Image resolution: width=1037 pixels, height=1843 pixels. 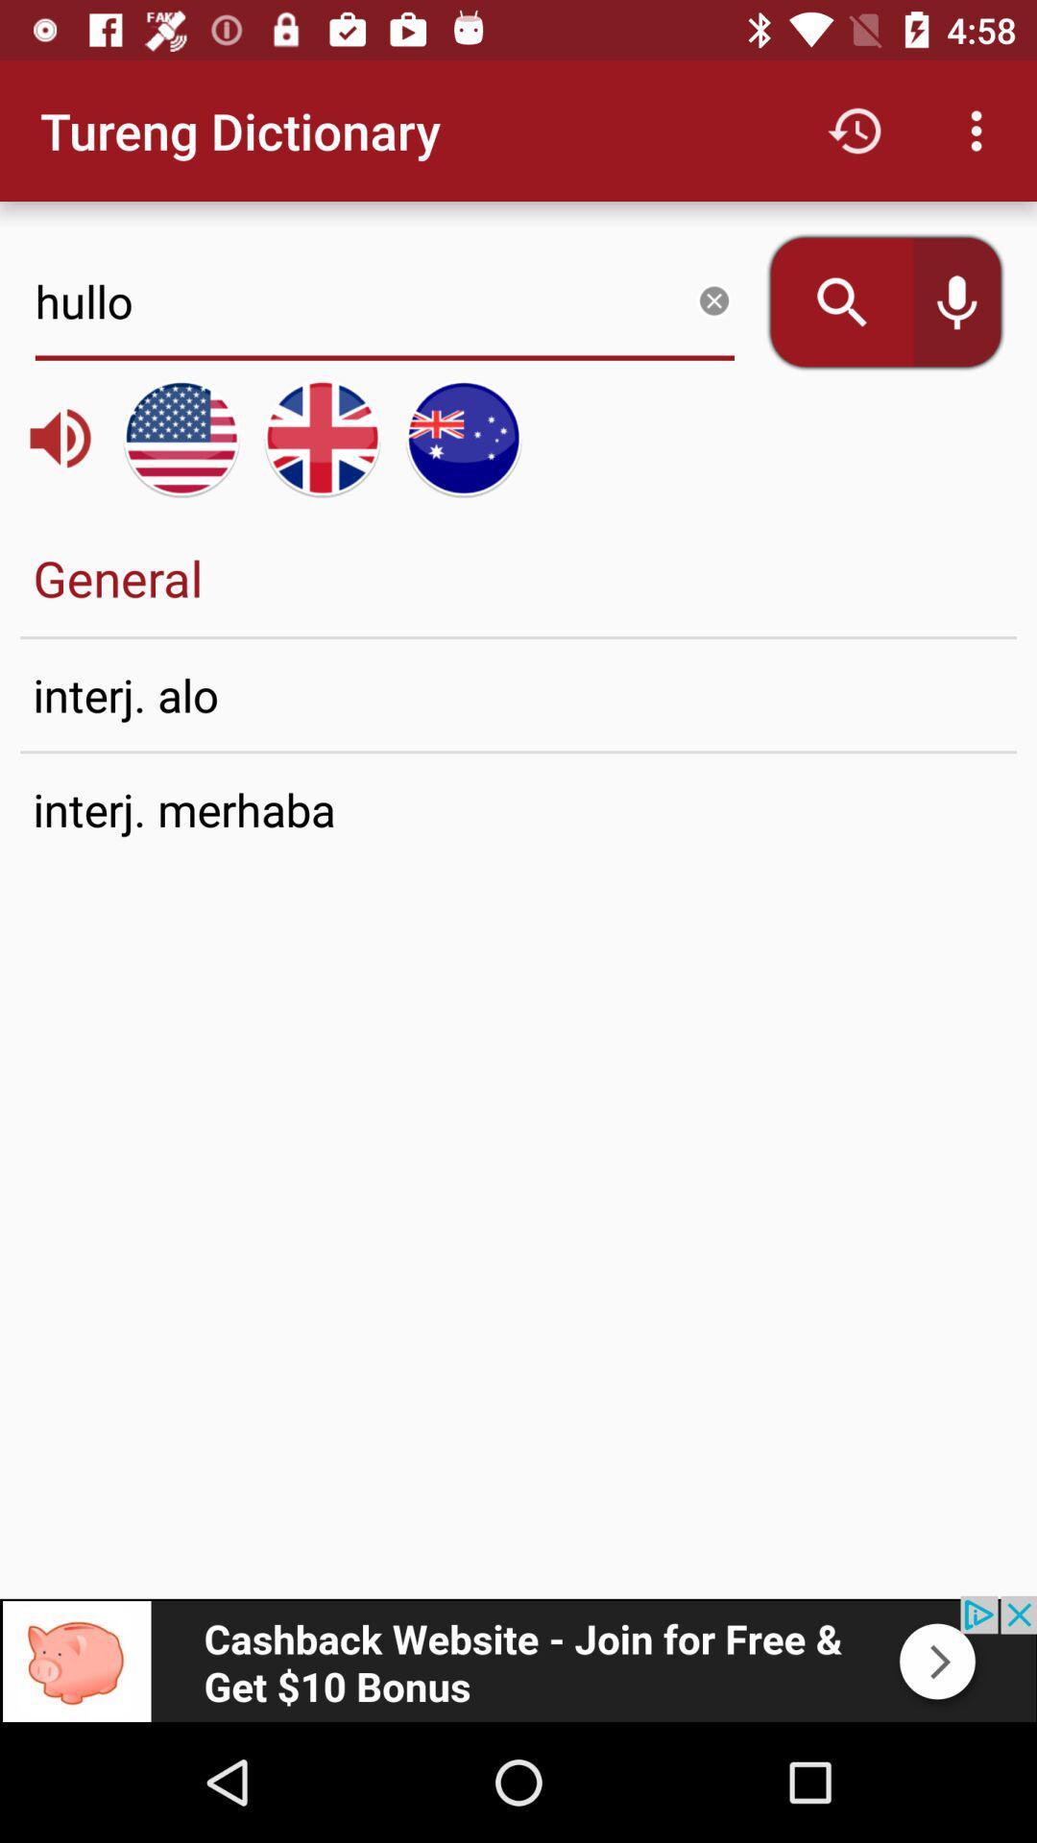 I want to click on the search icon, so click(x=828, y=301).